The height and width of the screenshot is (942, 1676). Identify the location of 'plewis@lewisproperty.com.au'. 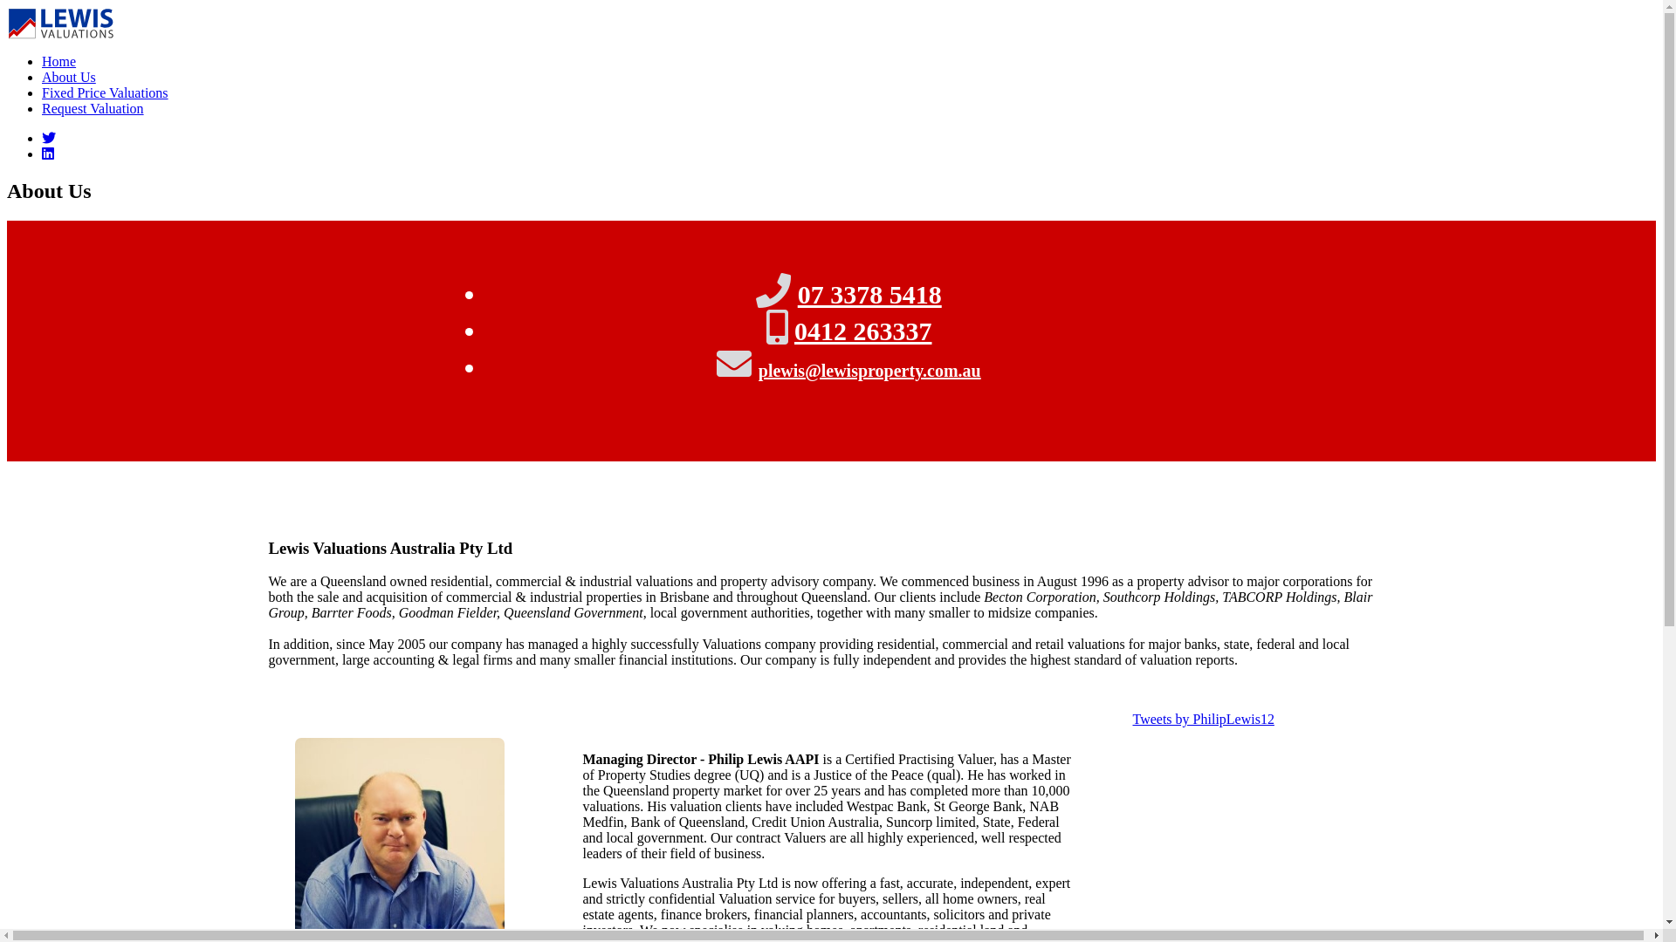
(869, 369).